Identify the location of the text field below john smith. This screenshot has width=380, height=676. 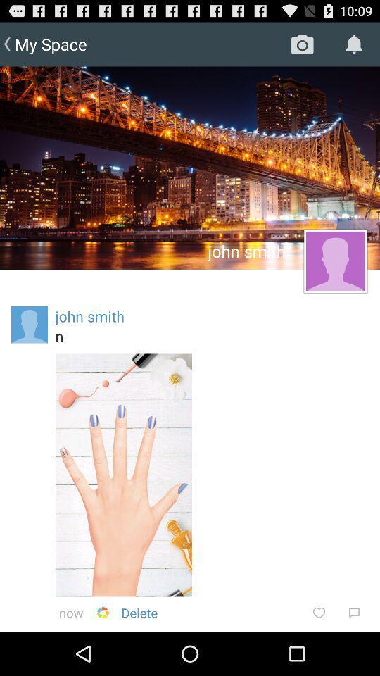
(211, 336).